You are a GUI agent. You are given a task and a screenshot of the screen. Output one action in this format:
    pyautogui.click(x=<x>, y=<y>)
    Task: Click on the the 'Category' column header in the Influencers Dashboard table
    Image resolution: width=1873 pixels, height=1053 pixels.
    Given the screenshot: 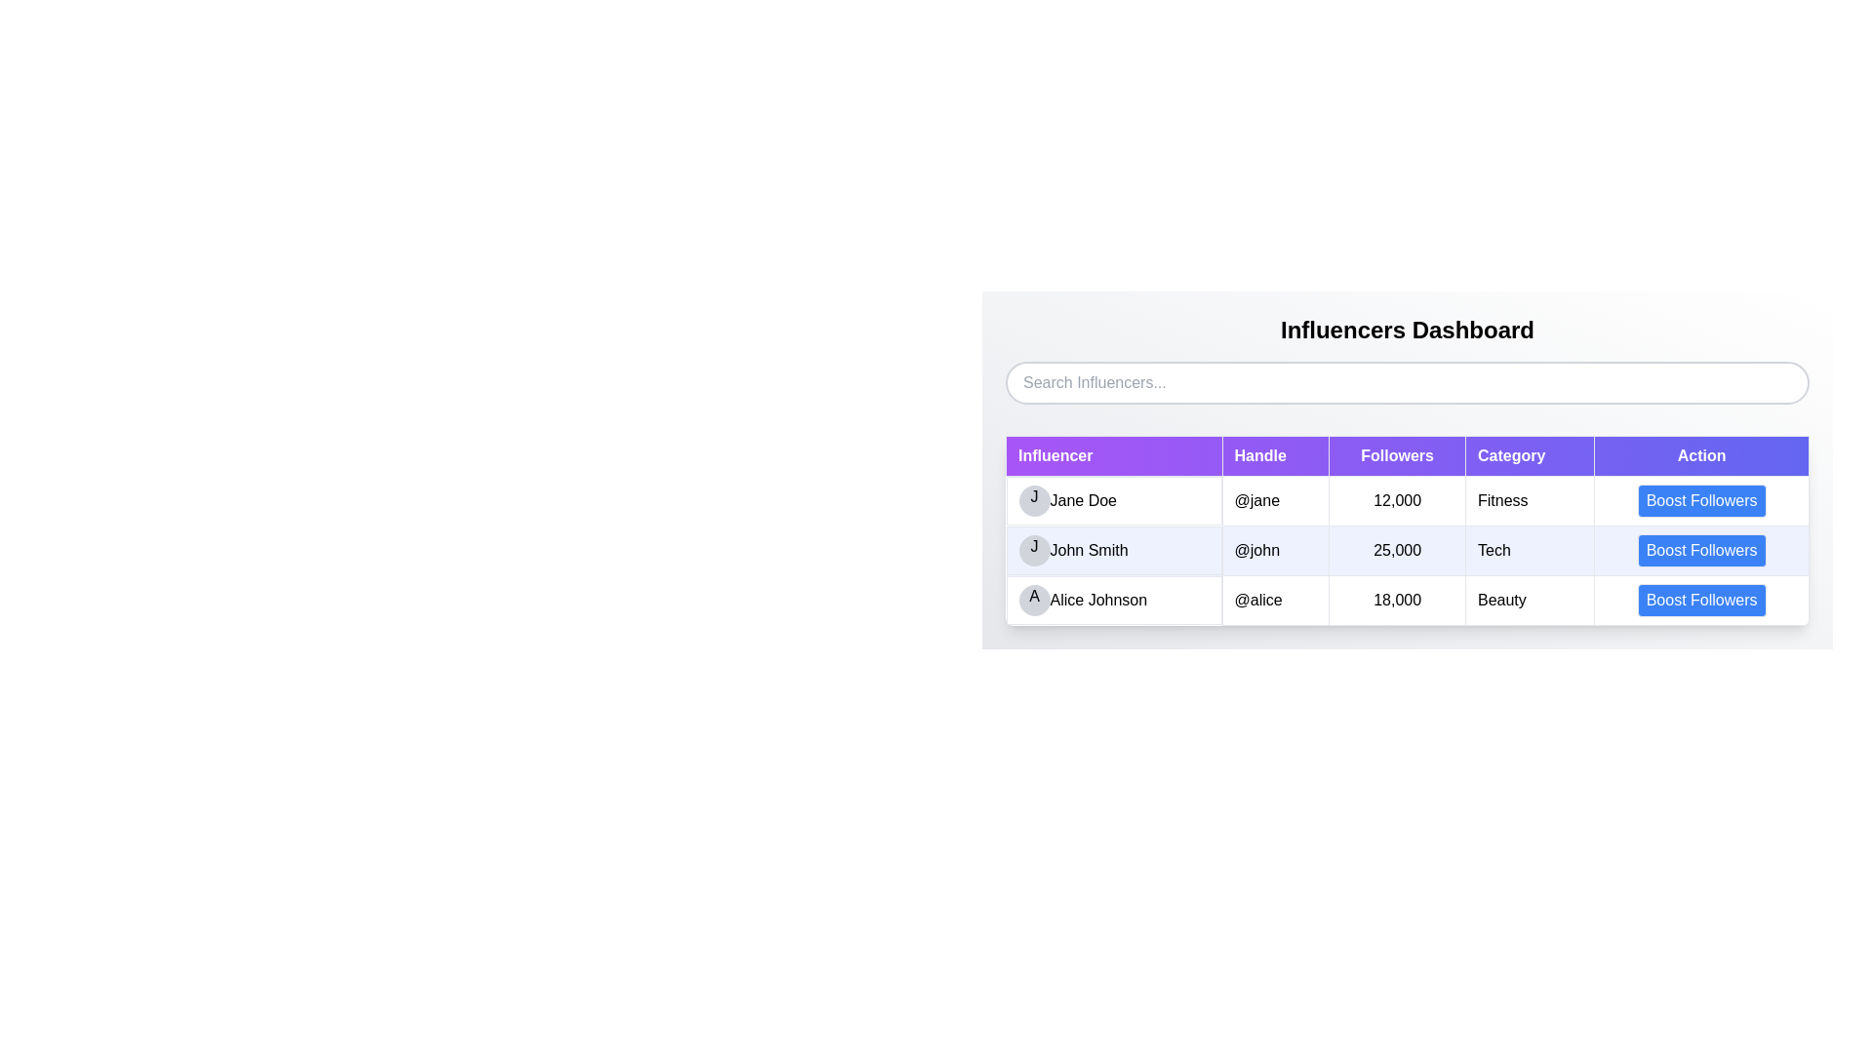 What is the action you would take?
    pyautogui.click(x=1529, y=455)
    